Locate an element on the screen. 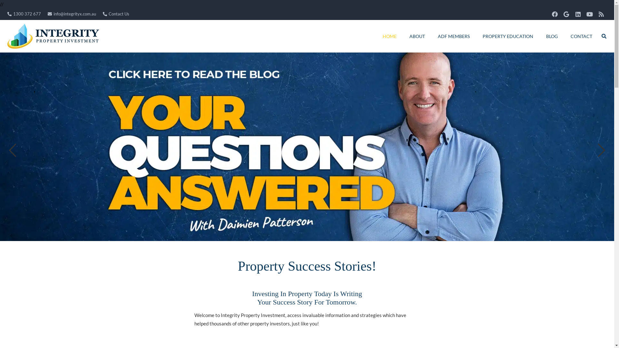 The image size is (619, 348). 'YouTube' is located at coordinates (589, 14).